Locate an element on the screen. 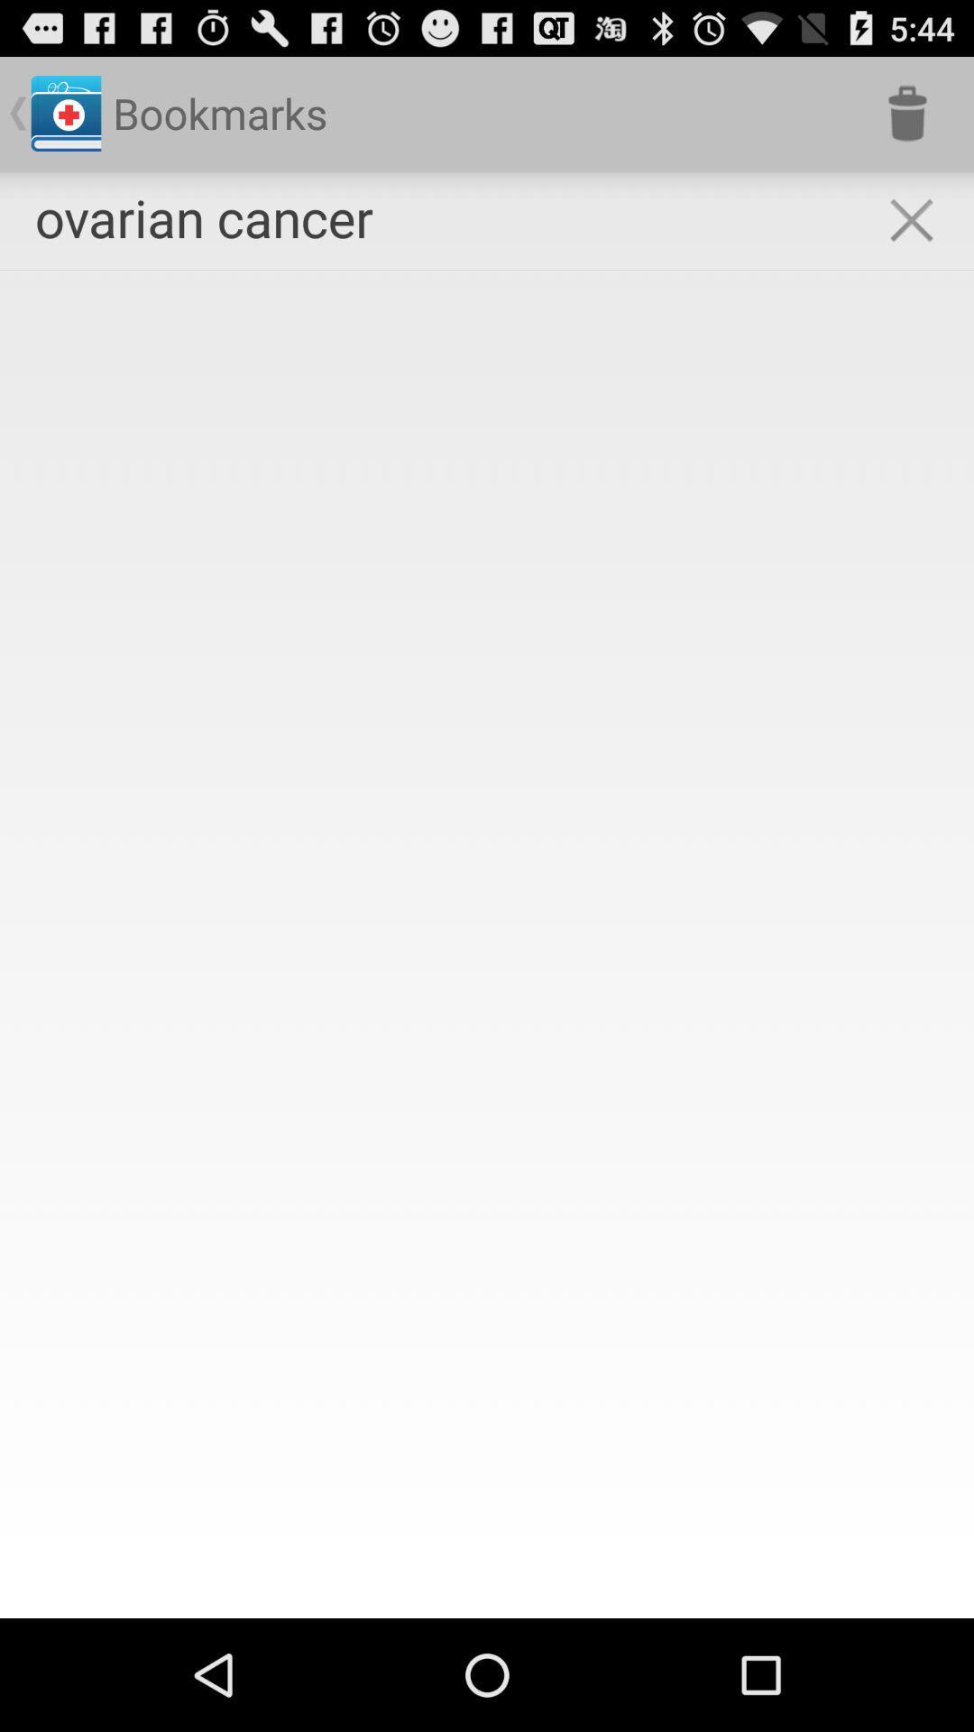 The width and height of the screenshot is (974, 1732). icon to the right of the ovarian cancer item is located at coordinates (911, 219).